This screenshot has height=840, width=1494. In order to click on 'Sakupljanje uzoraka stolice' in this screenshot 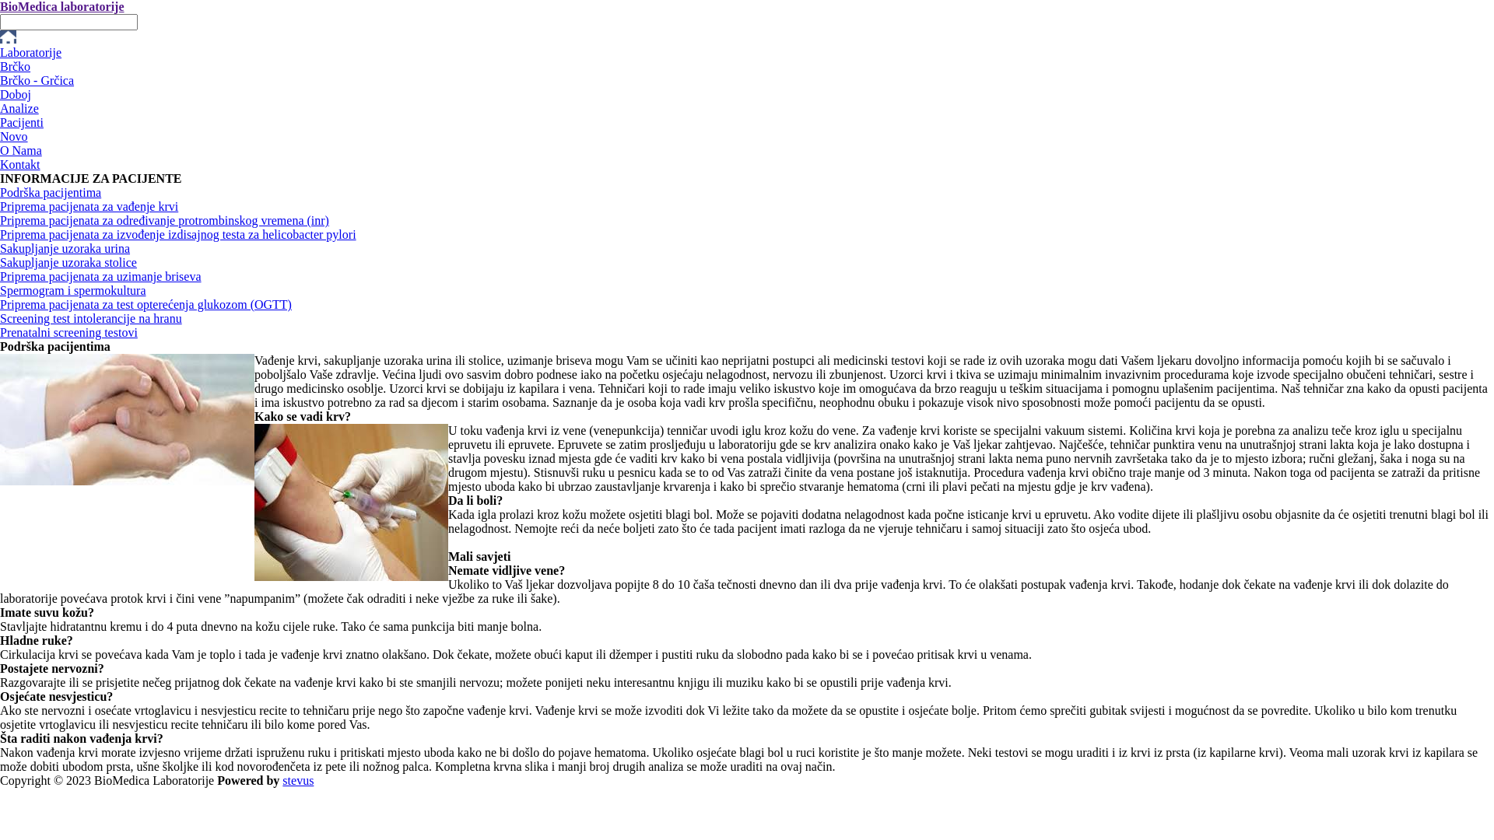, I will do `click(67, 261)`.